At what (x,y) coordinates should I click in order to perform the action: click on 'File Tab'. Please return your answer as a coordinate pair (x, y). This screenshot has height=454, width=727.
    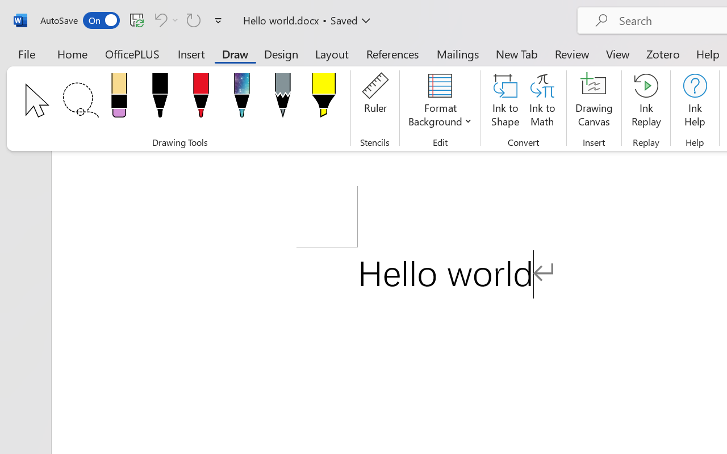
    Looking at the image, I should click on (26, 53).